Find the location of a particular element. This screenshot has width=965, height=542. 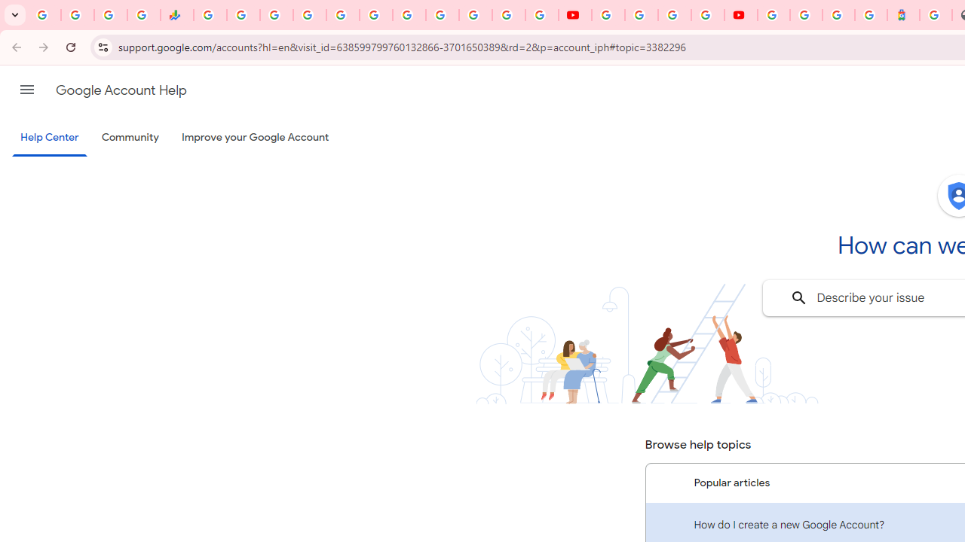

'Privacy Checkup' is located at coordinates (542, 15).